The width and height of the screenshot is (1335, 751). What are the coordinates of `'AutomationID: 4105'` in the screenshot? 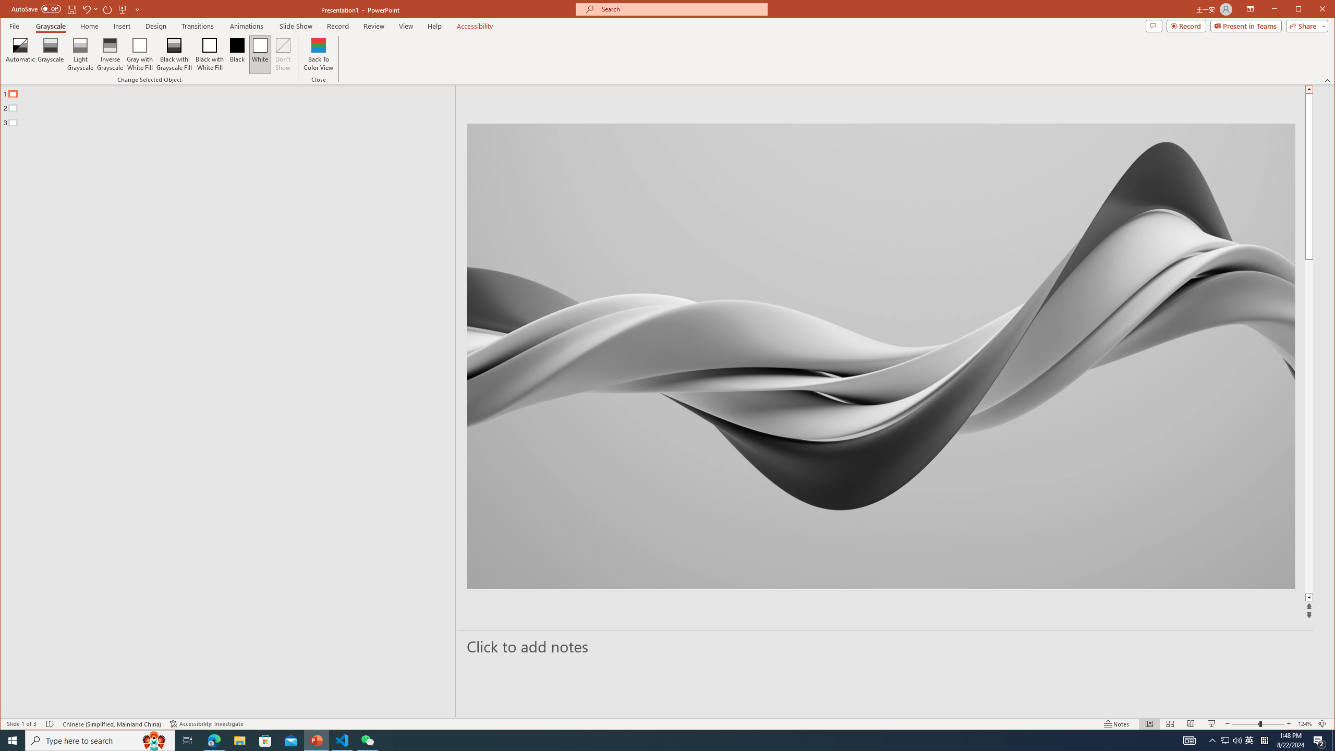 It's located at (1188, 740).